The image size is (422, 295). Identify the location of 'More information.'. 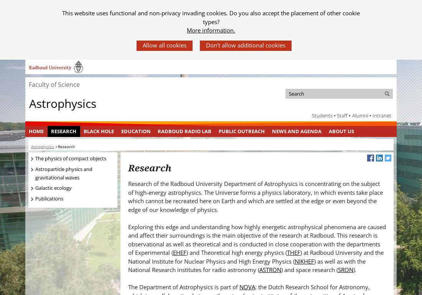
(211, 30).